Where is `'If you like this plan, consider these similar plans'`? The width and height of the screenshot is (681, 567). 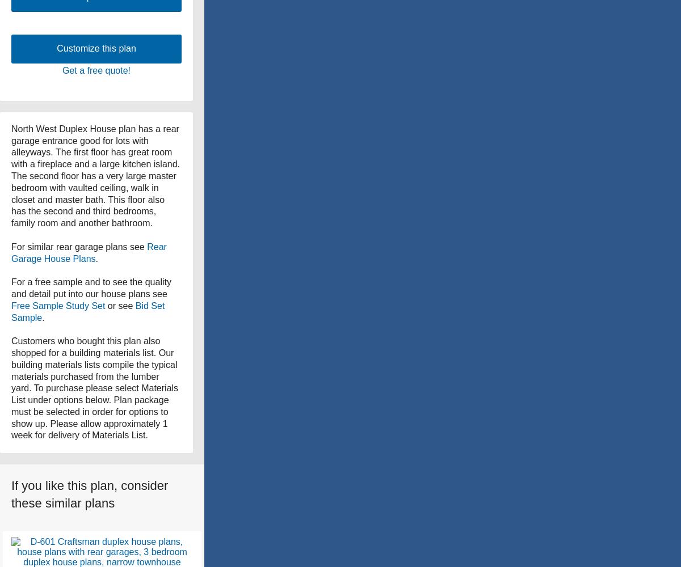
'If you like this plan, consider these similar plans' is located at coordinates (89, 494).